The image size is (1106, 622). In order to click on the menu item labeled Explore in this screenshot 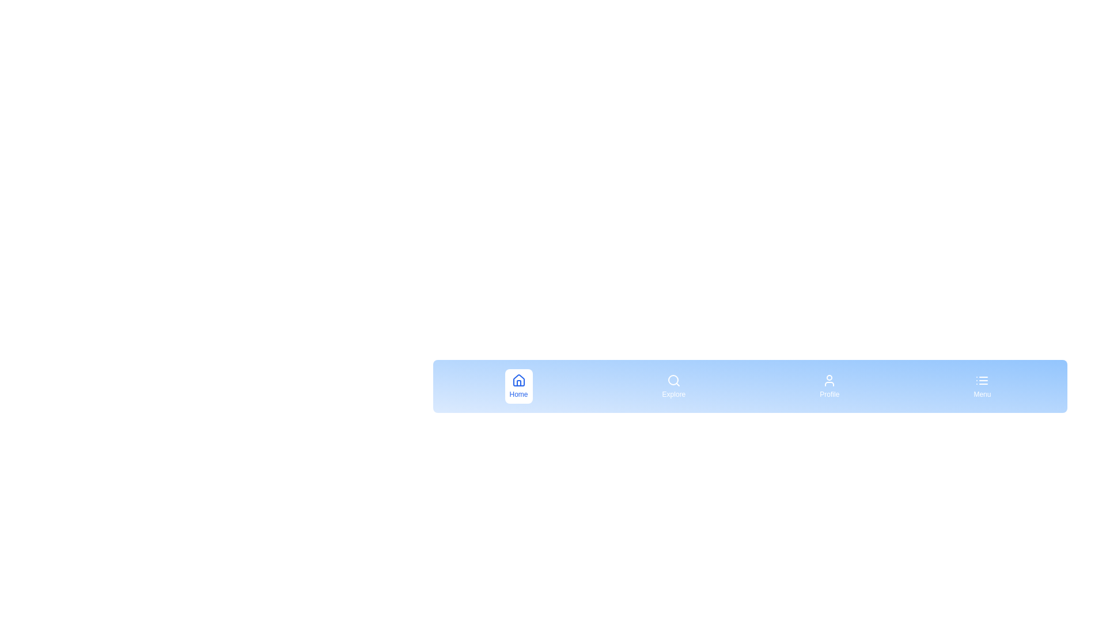, I will do `click(673, 386)`.